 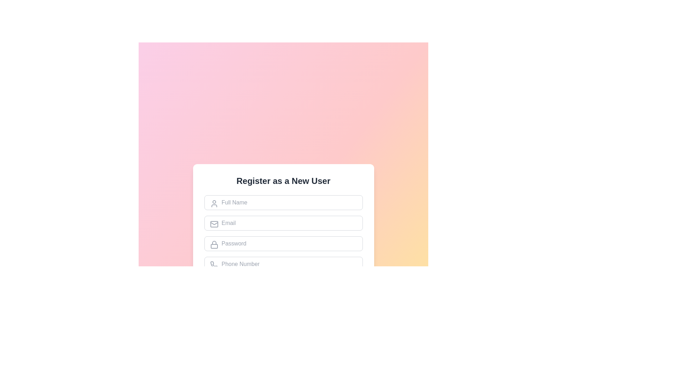 What do you see at coordinates (214, 224) in the screenshot?
I see `the mail icon, which is the lower rectangle of the SVG-based mail icon, positioned to the left of the 'Email' input field's label text` at bounding box center [214, 224].